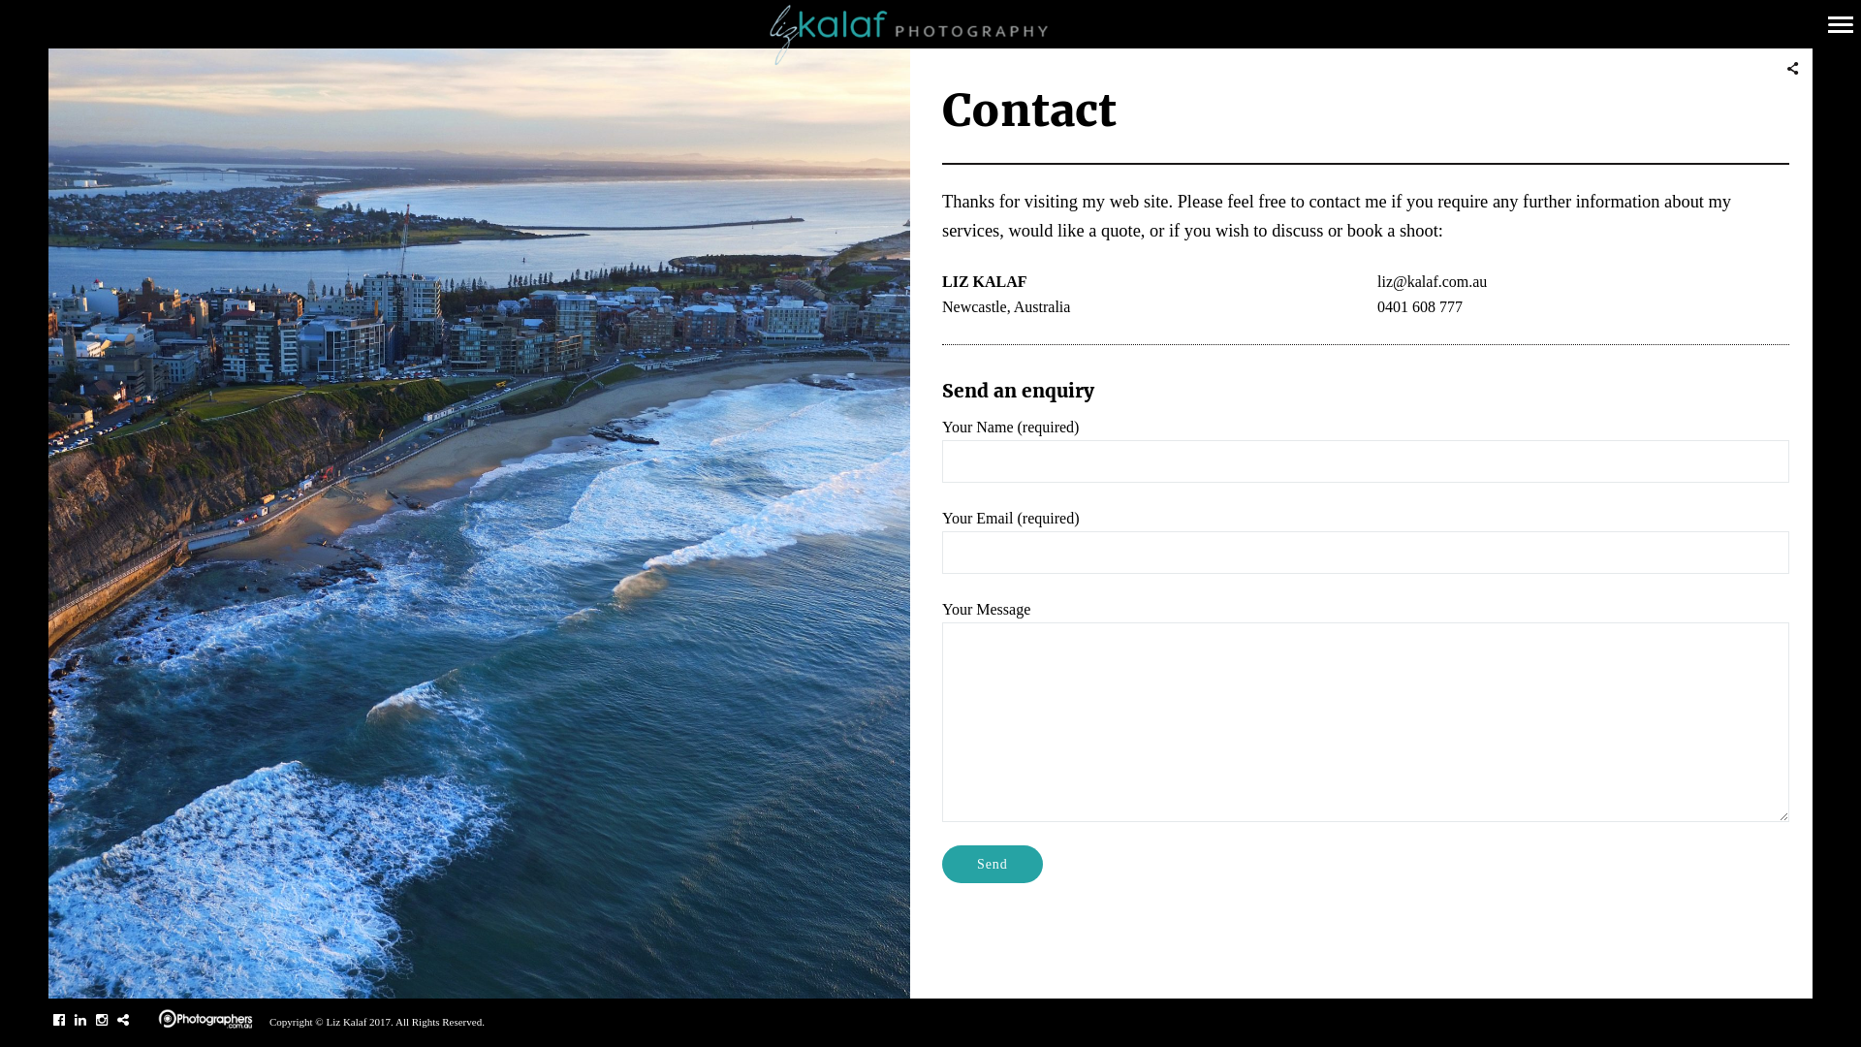 The height and width of the screenshot is (1047, 1861). Describe the element at coordinates (930, 34) in the screenshot. I see `'Liz Kalaf - Newcastle Photographer'` at that location.